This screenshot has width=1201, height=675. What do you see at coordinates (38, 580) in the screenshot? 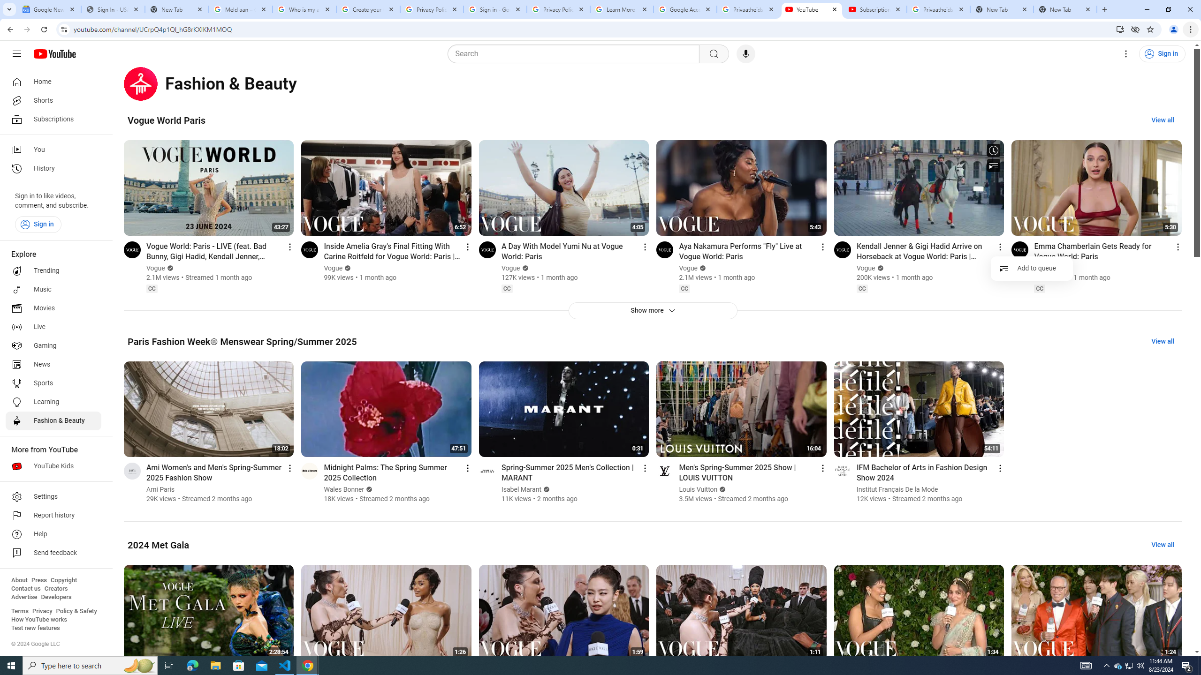
I see `'Press'` at bounding box center [38, 580].